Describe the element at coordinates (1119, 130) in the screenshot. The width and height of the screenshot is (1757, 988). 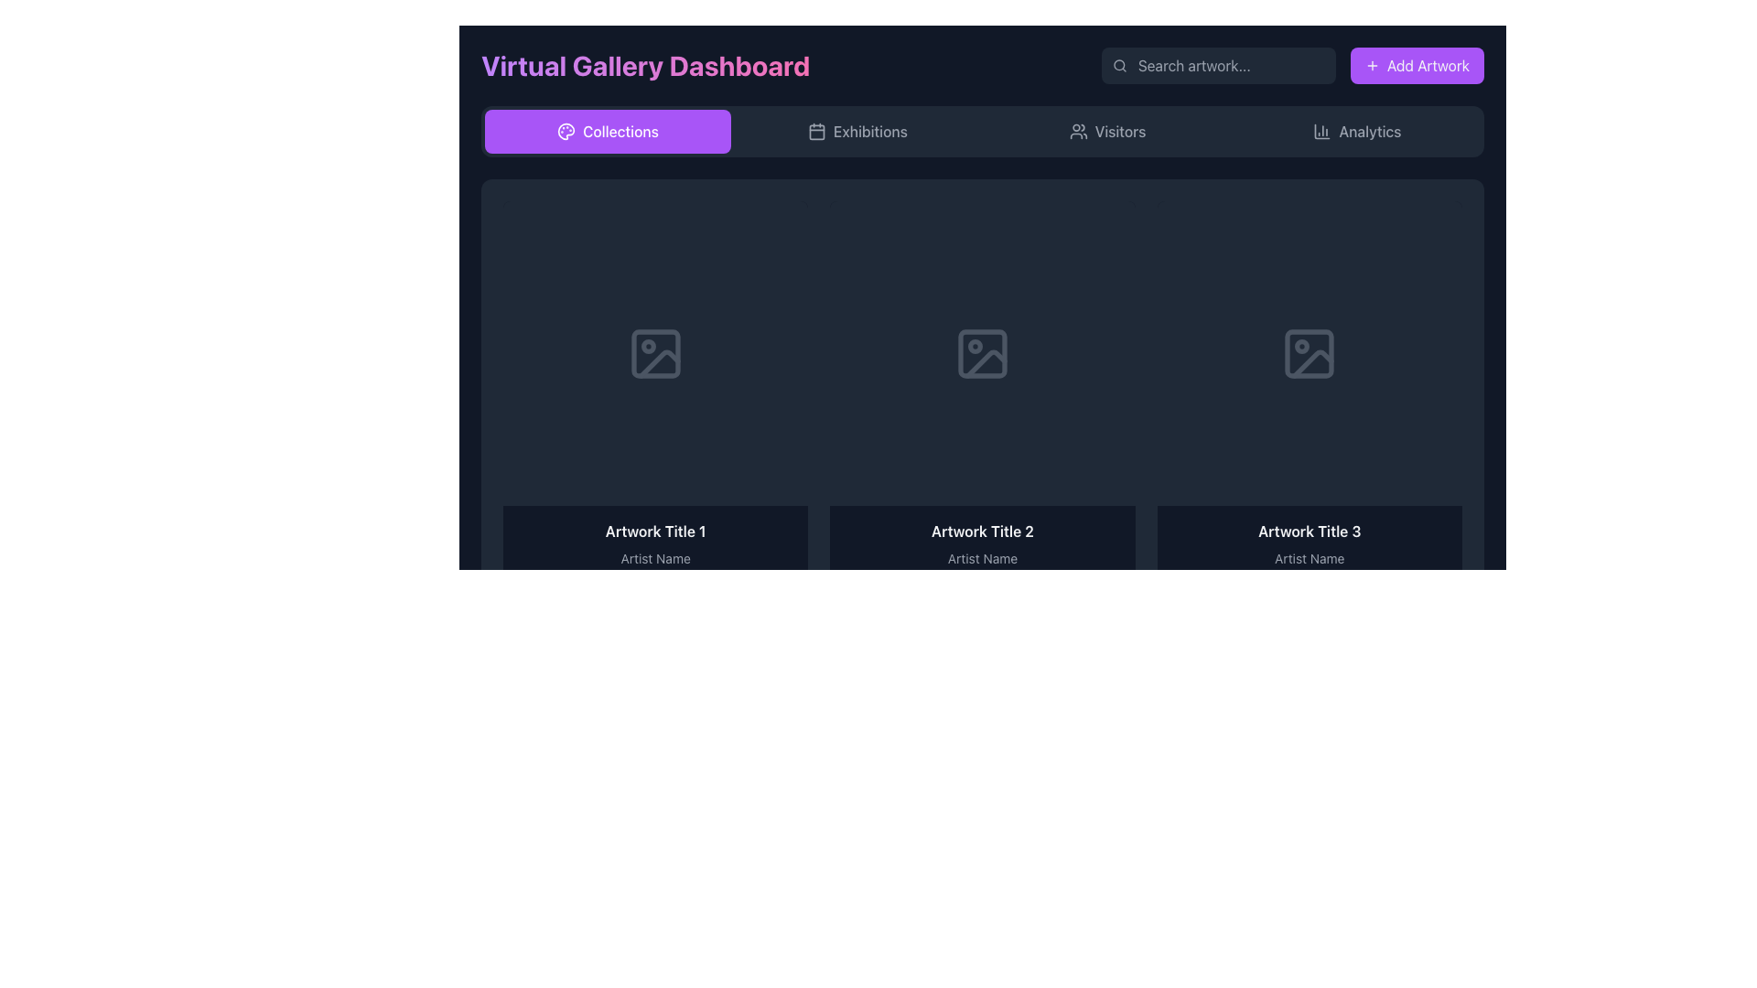
I see `the static text label displaying 'Visitors' in the header navigation bar, which is positioned between an icon of a group of people and the 'Analytics' navigation option` at that location.